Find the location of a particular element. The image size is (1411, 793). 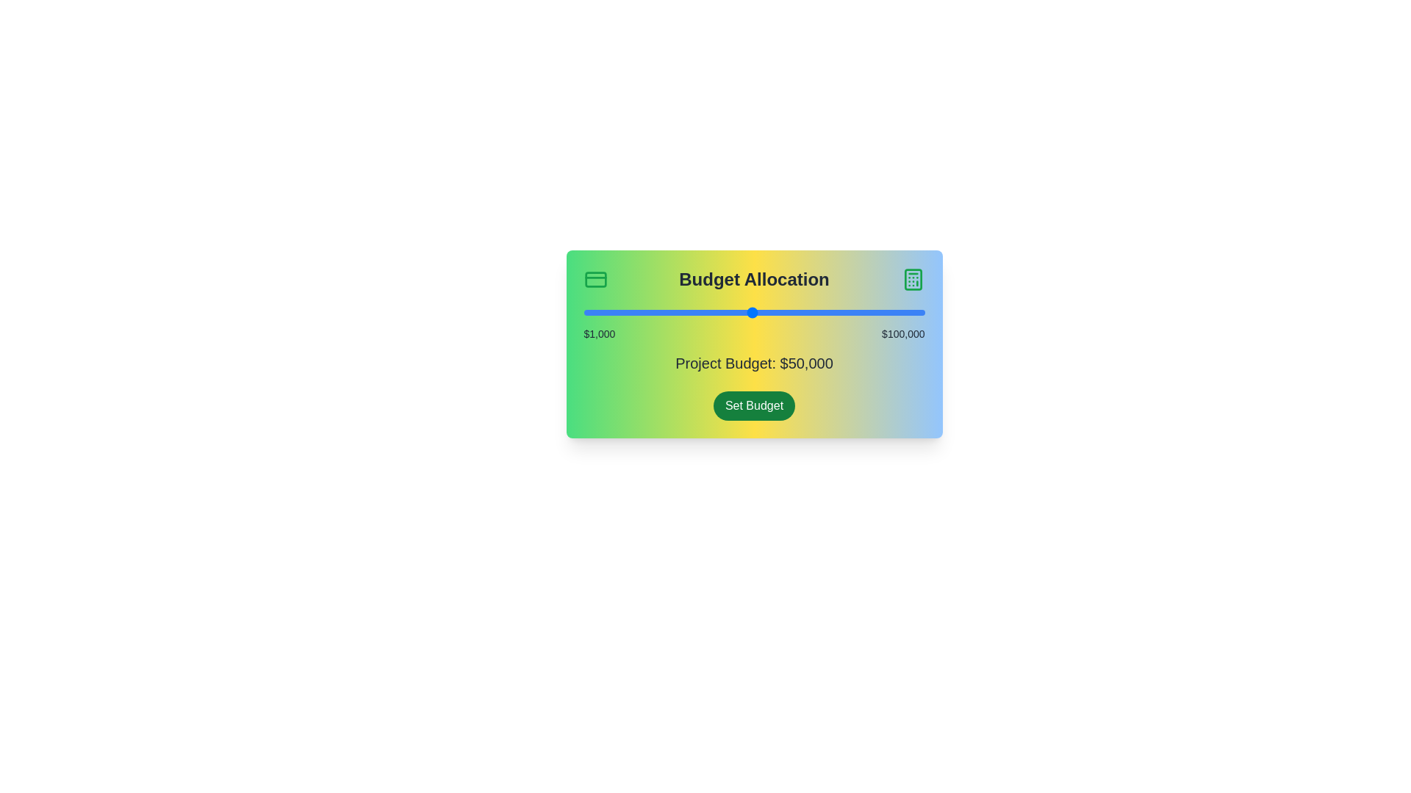

the slider to set the budget to 66144 is located at coordinates (807, 311).